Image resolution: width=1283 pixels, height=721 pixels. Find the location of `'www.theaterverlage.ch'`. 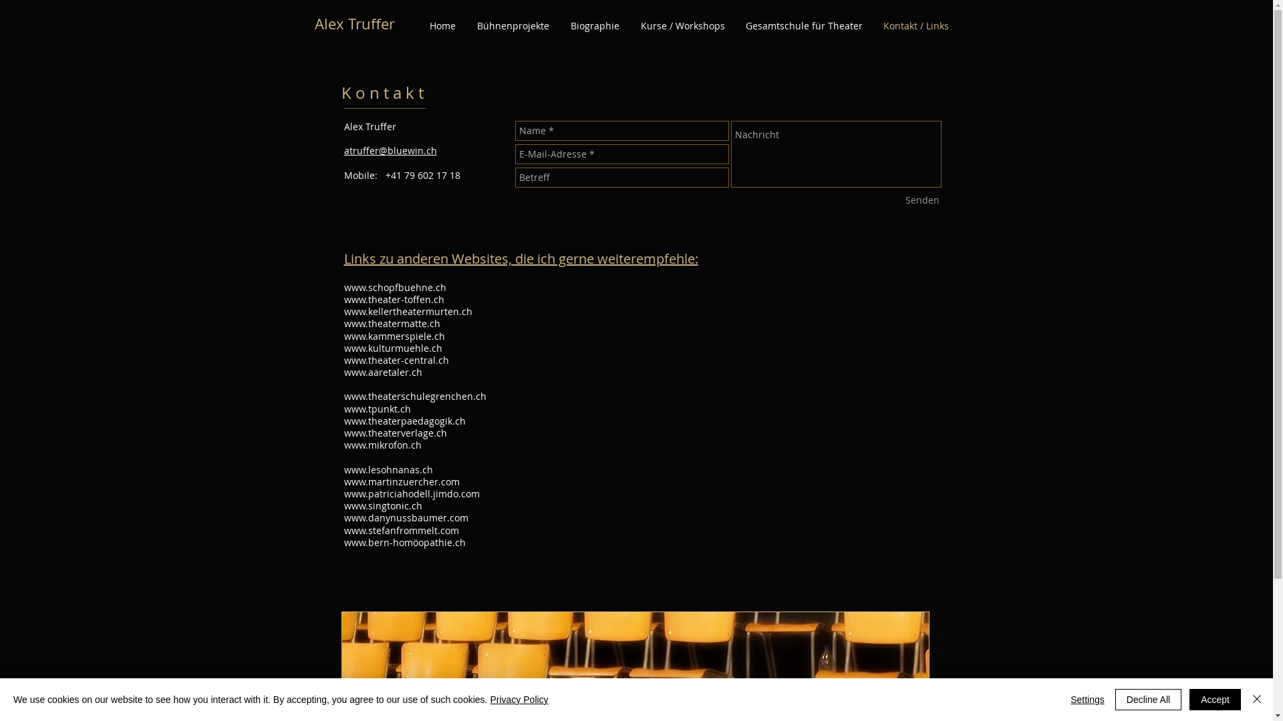

'www.theaterverlage.ch' is located at coordinates (343, 433).